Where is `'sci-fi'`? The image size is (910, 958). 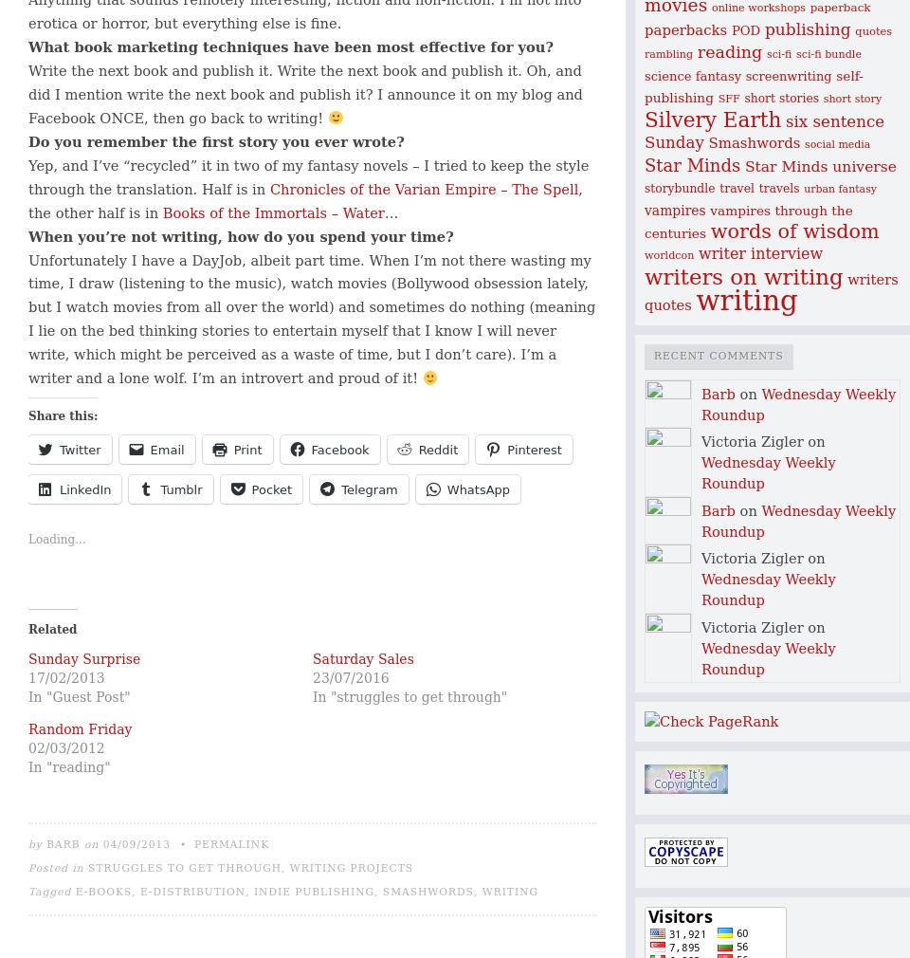 'sci-fi' is located at coordinates (778, 53).